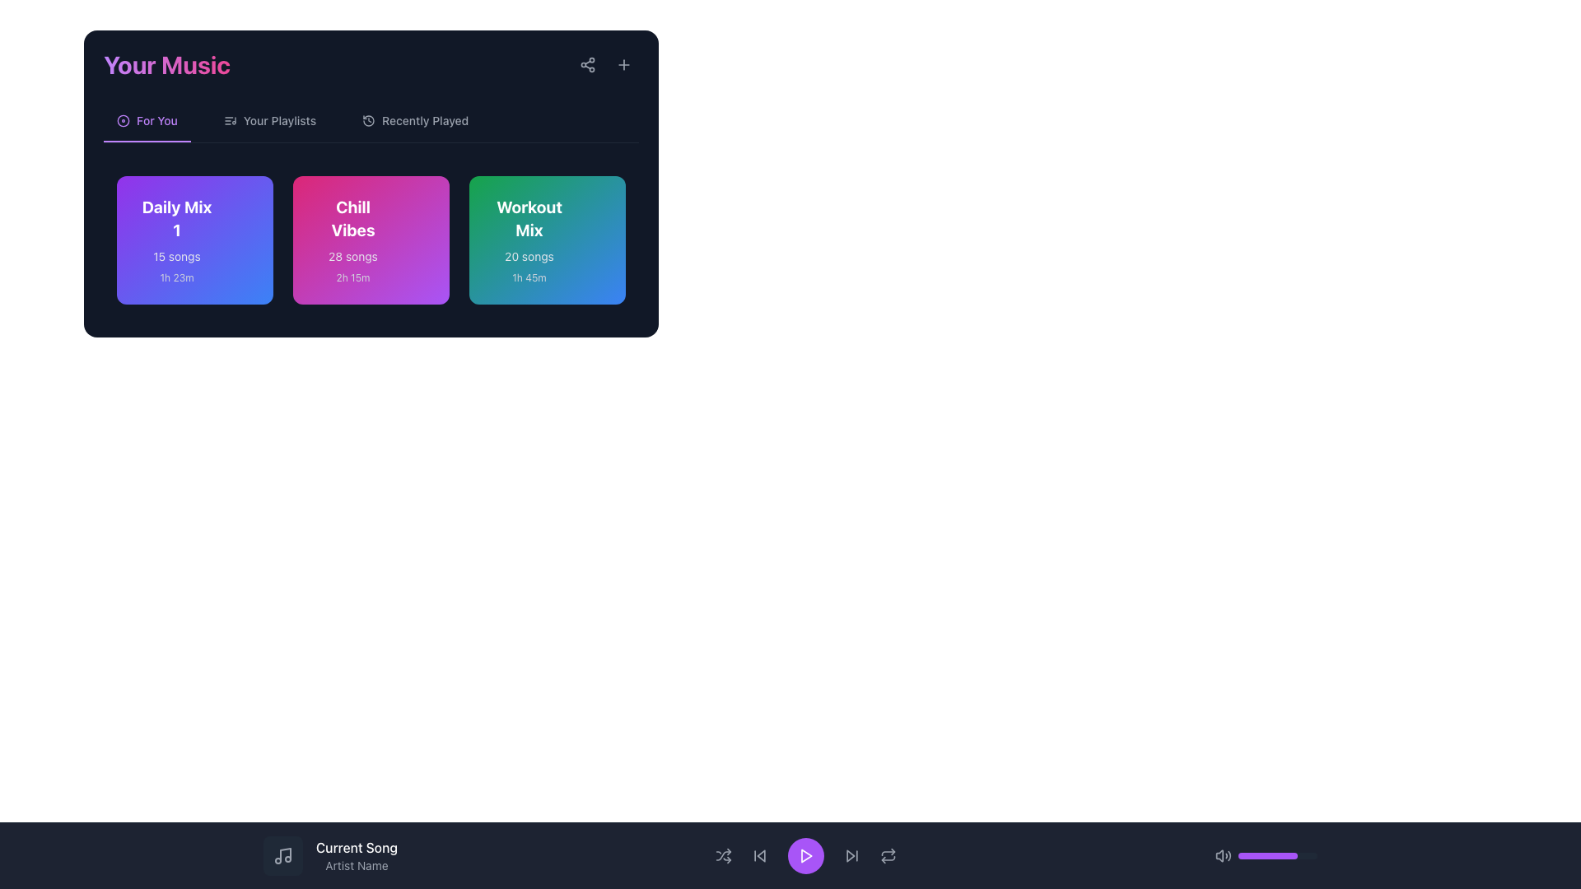  What do you see at coordinates (177, 257) in the screenshot?
I see `the static text label that provides information about the number of songs in the 'Daily Mix 1' playlist, located above the duration text '1h 23m'` at bounding box center [177, 257].